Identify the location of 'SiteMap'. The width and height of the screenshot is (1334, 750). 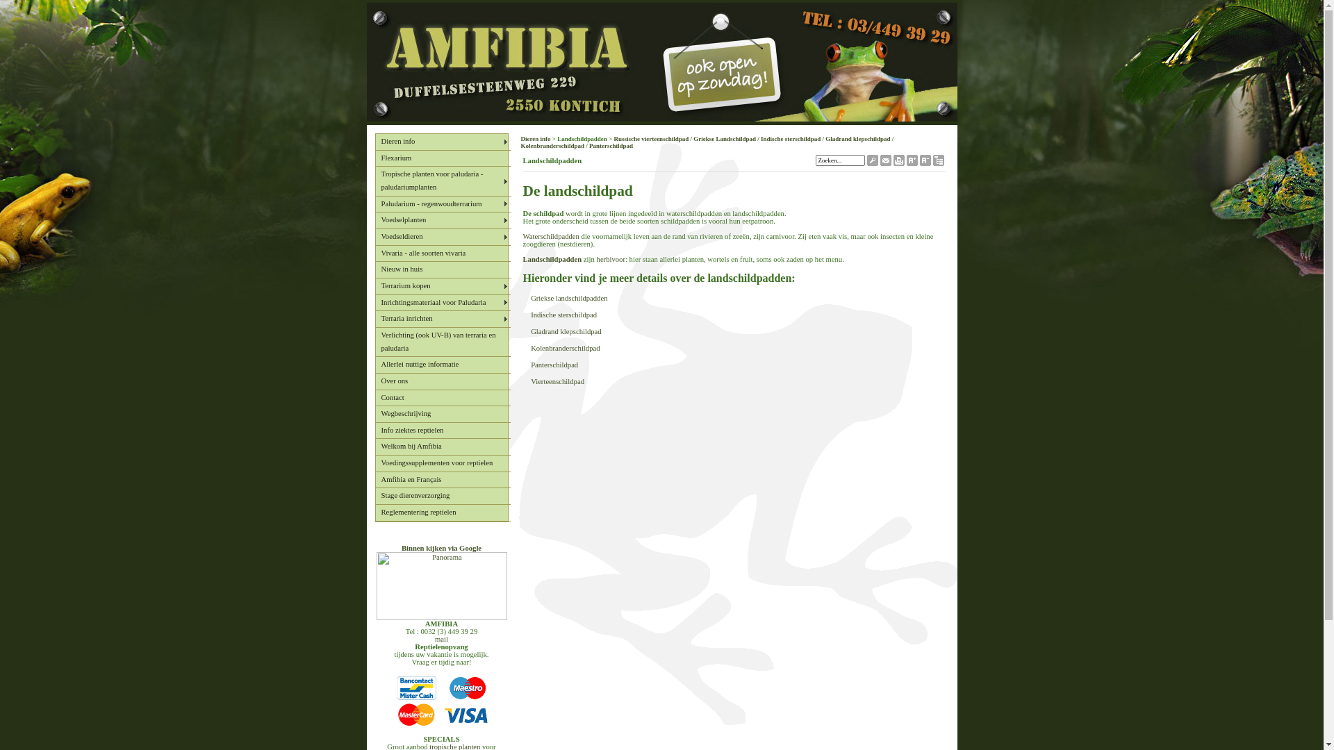
(937, 162).